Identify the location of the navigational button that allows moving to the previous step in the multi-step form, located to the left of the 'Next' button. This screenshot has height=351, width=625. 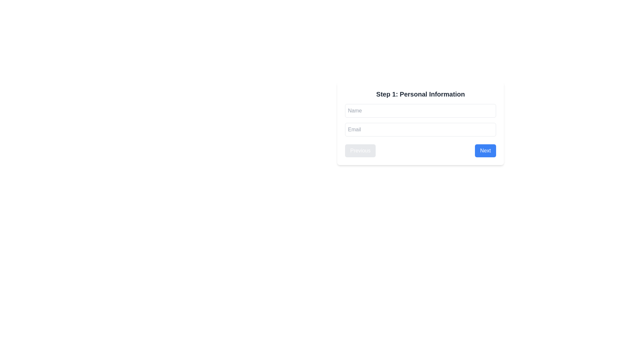
(360, 150).